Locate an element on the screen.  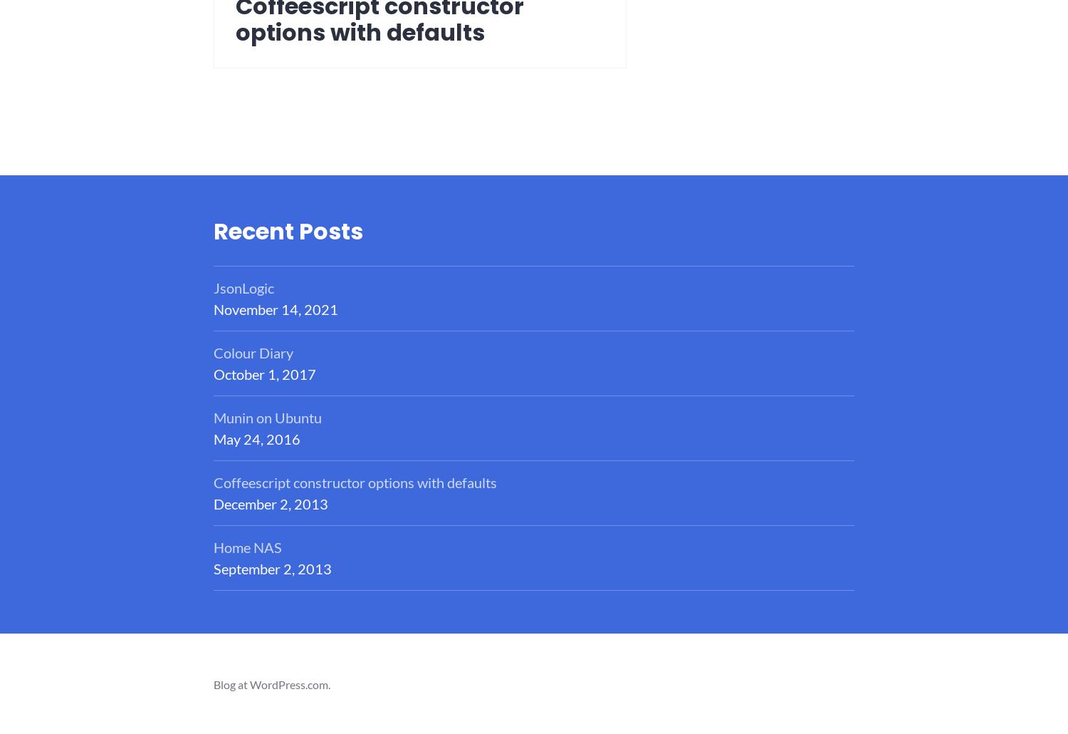
'December 2, 2013' is located at coordinates (271, 503).